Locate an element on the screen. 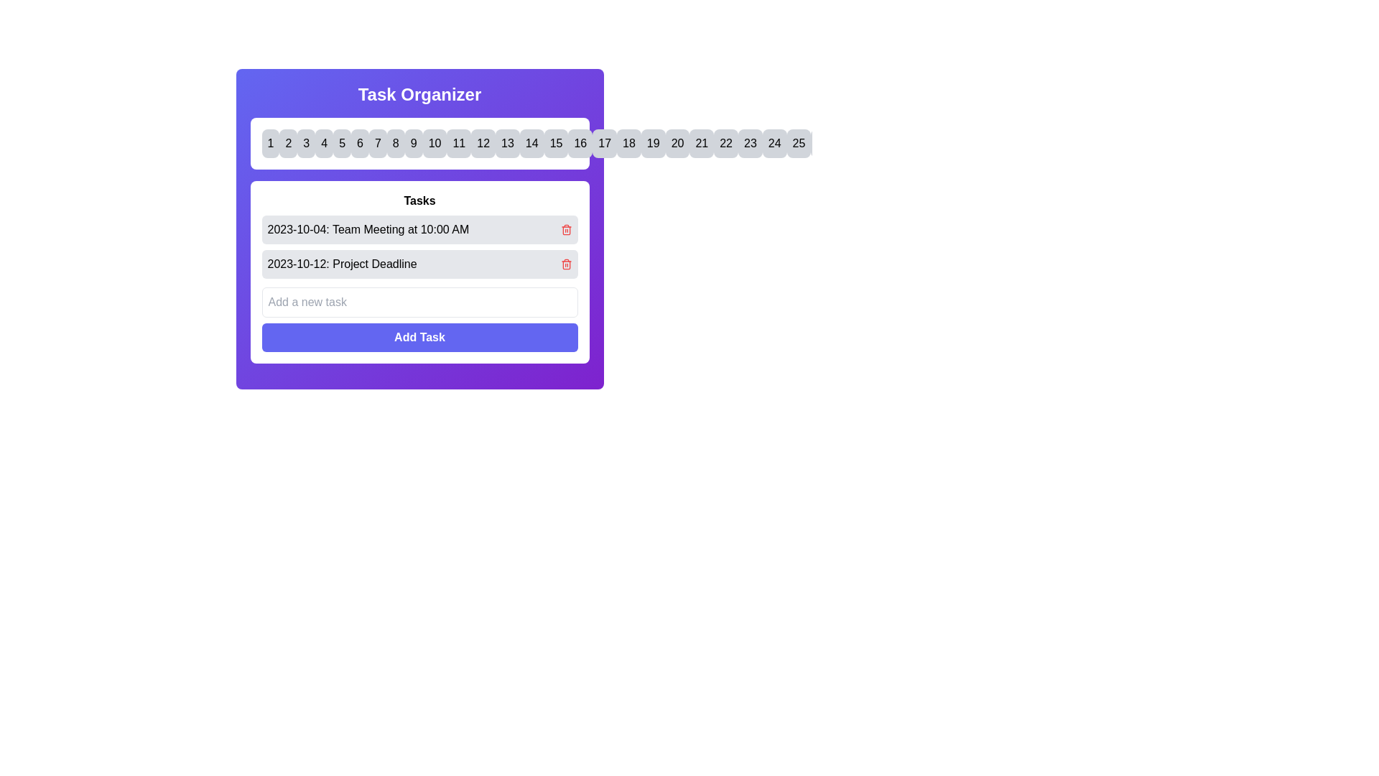  the delete icon button for the task labeled '2023-10-12: Project Deadline.' to trigger hover effects is located at coordinates (565, 264).